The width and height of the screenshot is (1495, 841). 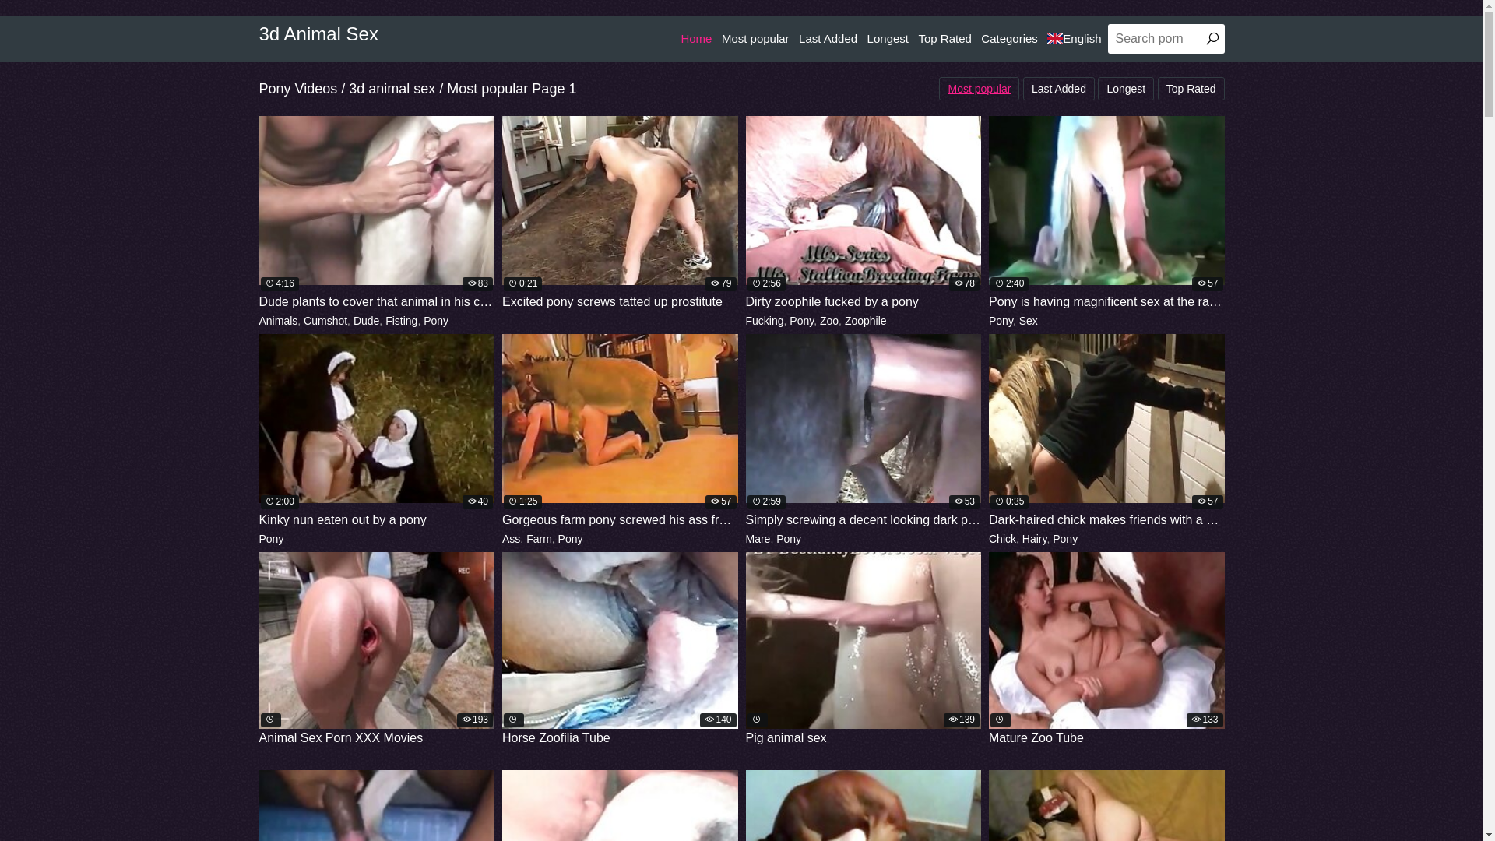 I want to click on '193, so click(x=376, y=649).